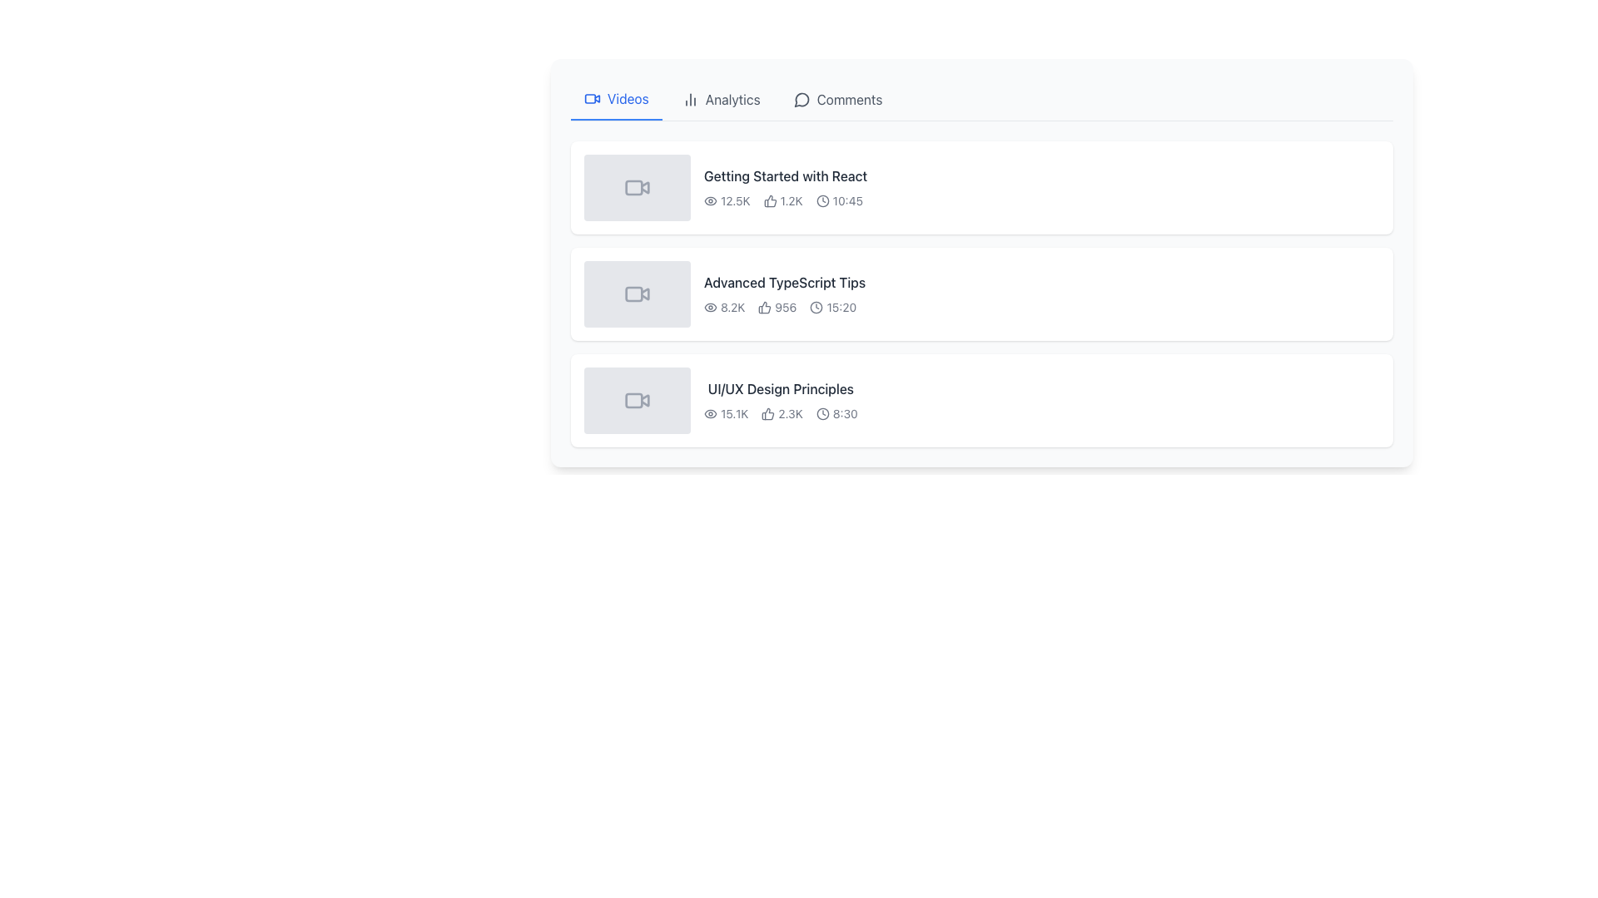  What do you see at coordinates (721, 401) in the screenshot?
I see `the view or like counters of the third video listing in the 'Videos' tab to see details` at bounding box center [721, 401].